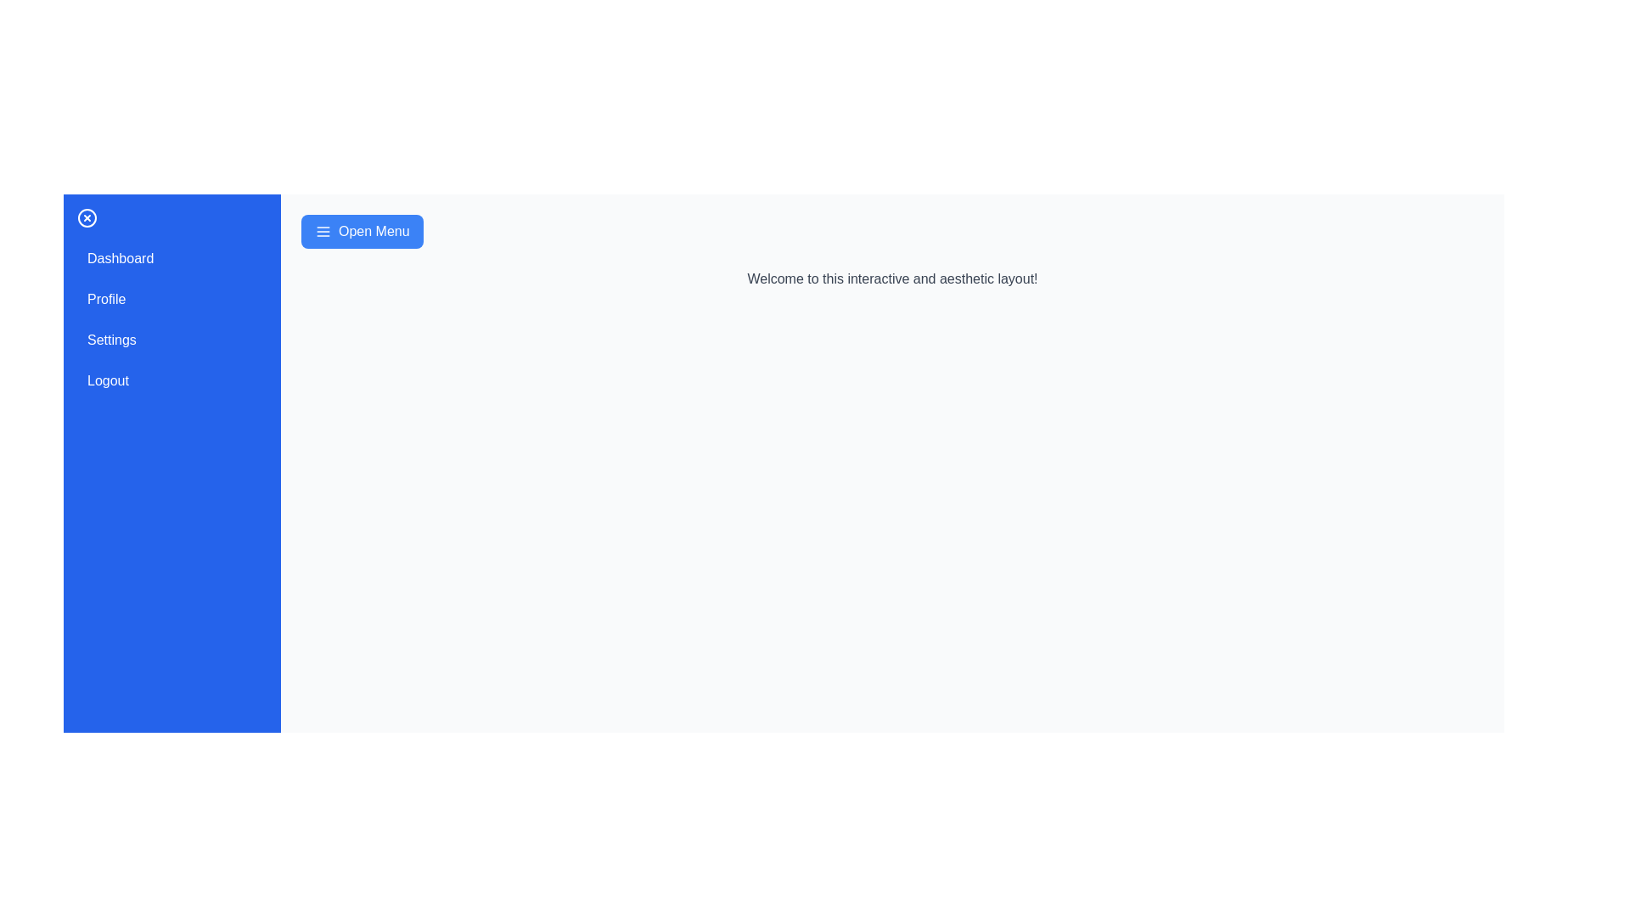 This screenshot has width=1630, height=917. I want to click on the menu item Profile in the sidebar, so click(171, 299).